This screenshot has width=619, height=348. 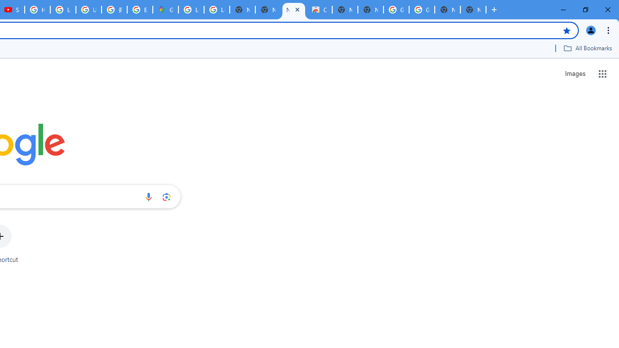 I want to click on 'Google Images', so click(x=396, y=10).